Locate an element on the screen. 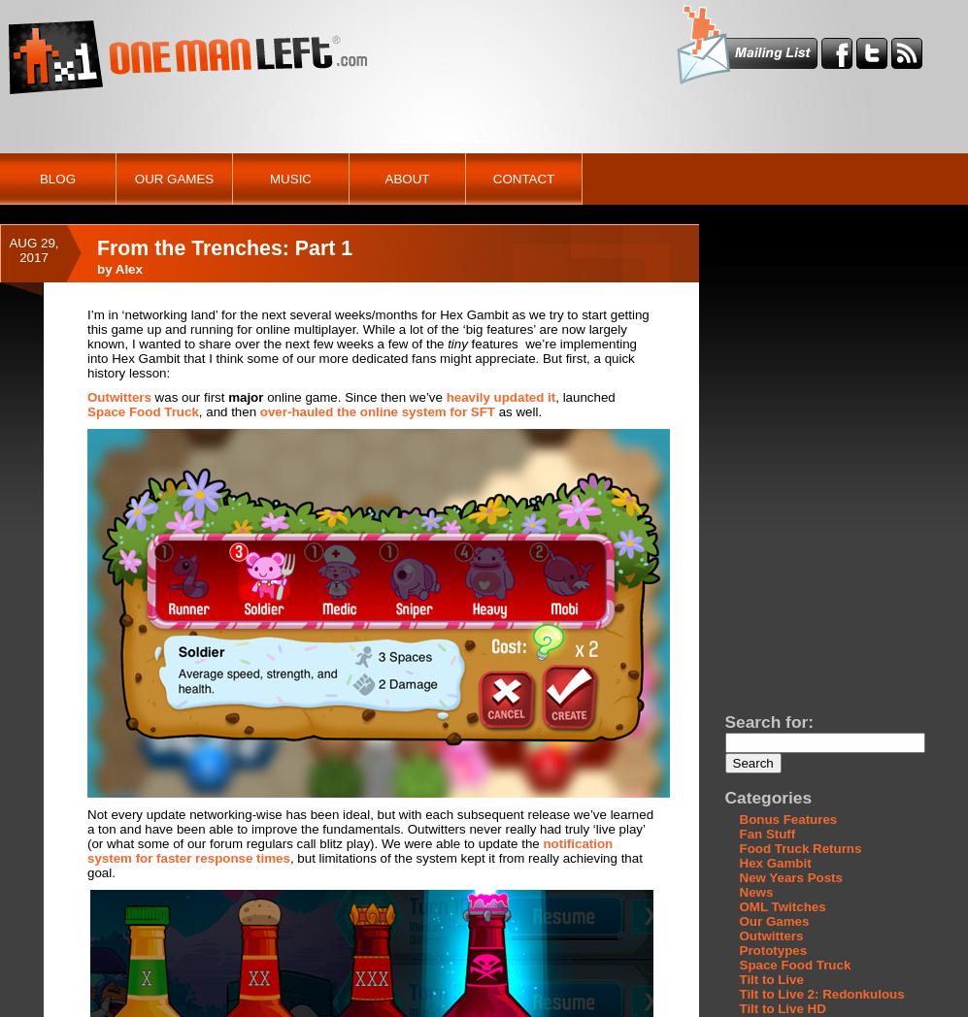 This screenshot has width=968, height=1017. 'Aug 29, 2017' is located at coordinates (33, 250).